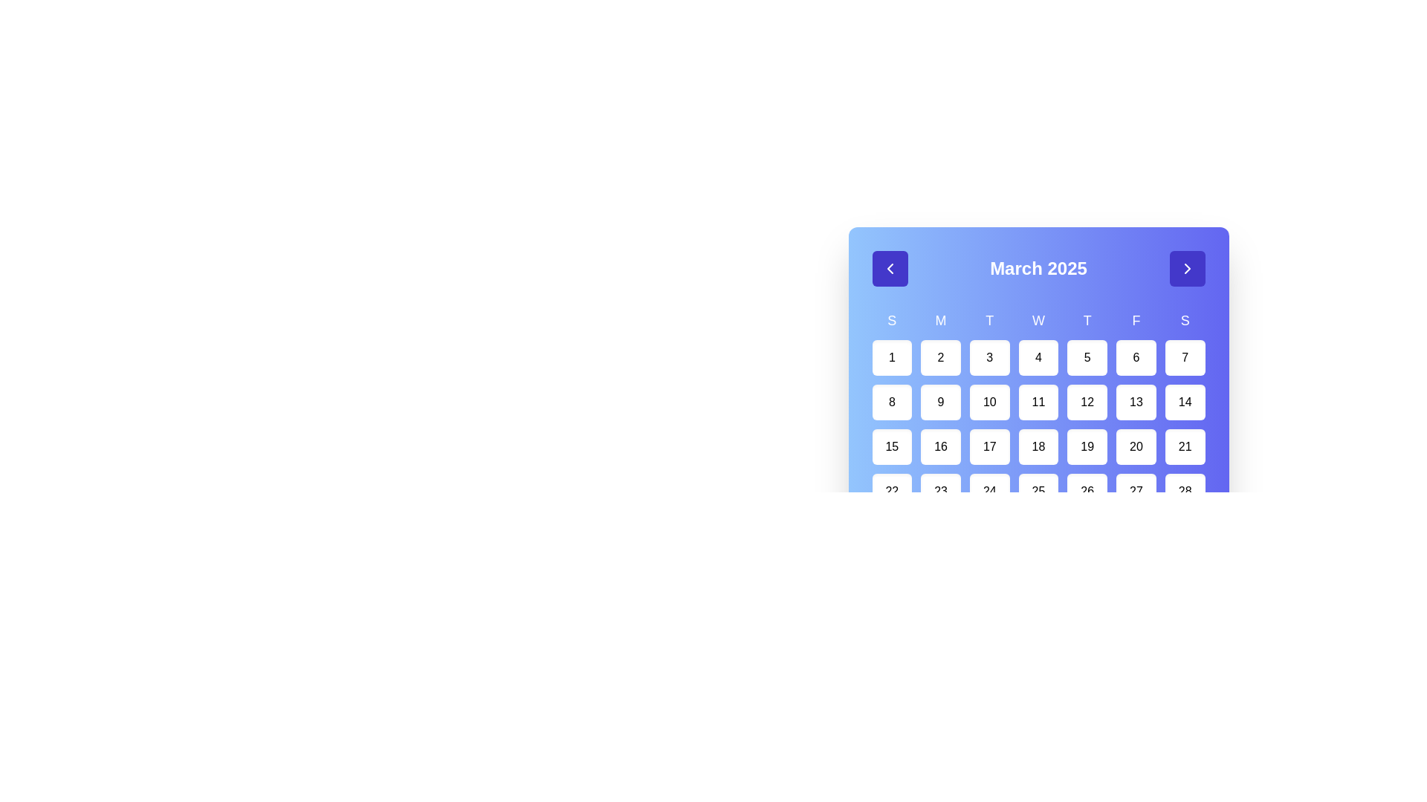  I want to click on the rightward chevron arrow icon located inside the square button at the top-right corner of the calendar interface, so click(1186, 269).